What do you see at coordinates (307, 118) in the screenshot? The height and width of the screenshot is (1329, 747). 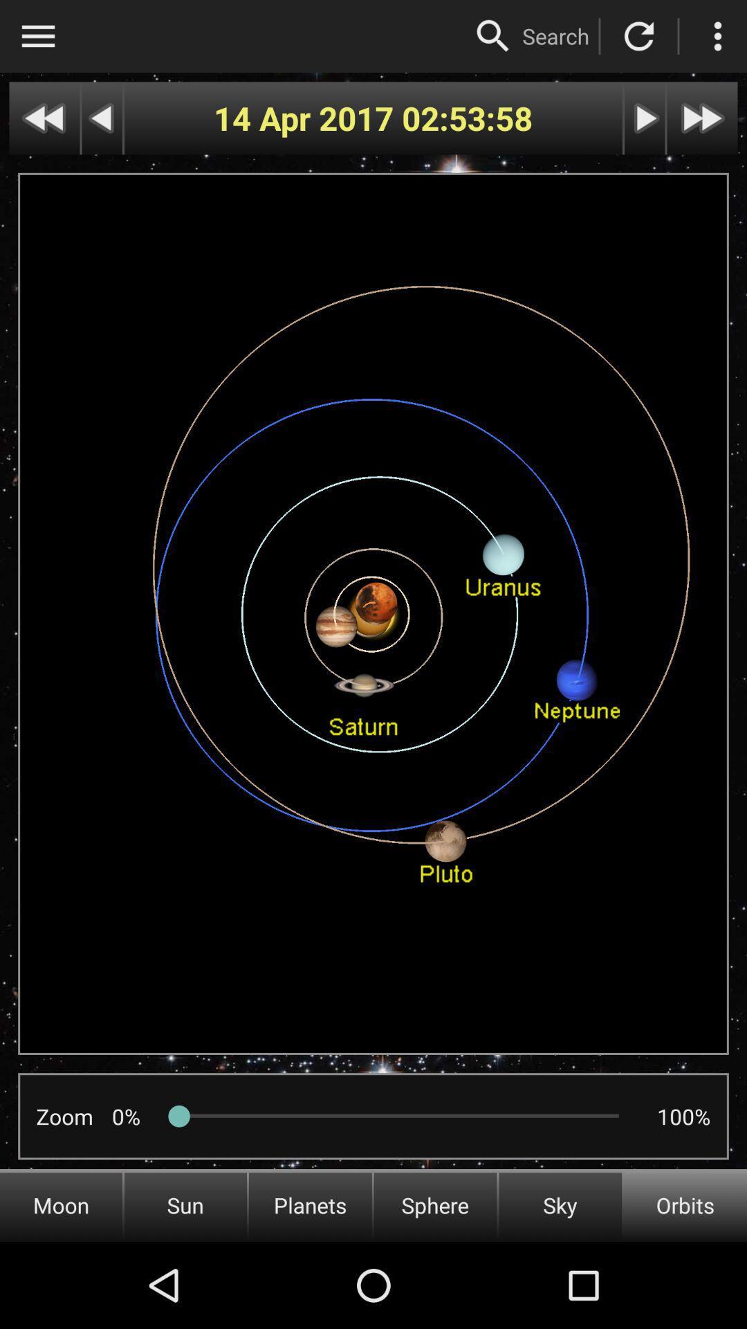 I see `the icon to the left of the 02:53:58 icon` at bounding box center [307, 118].